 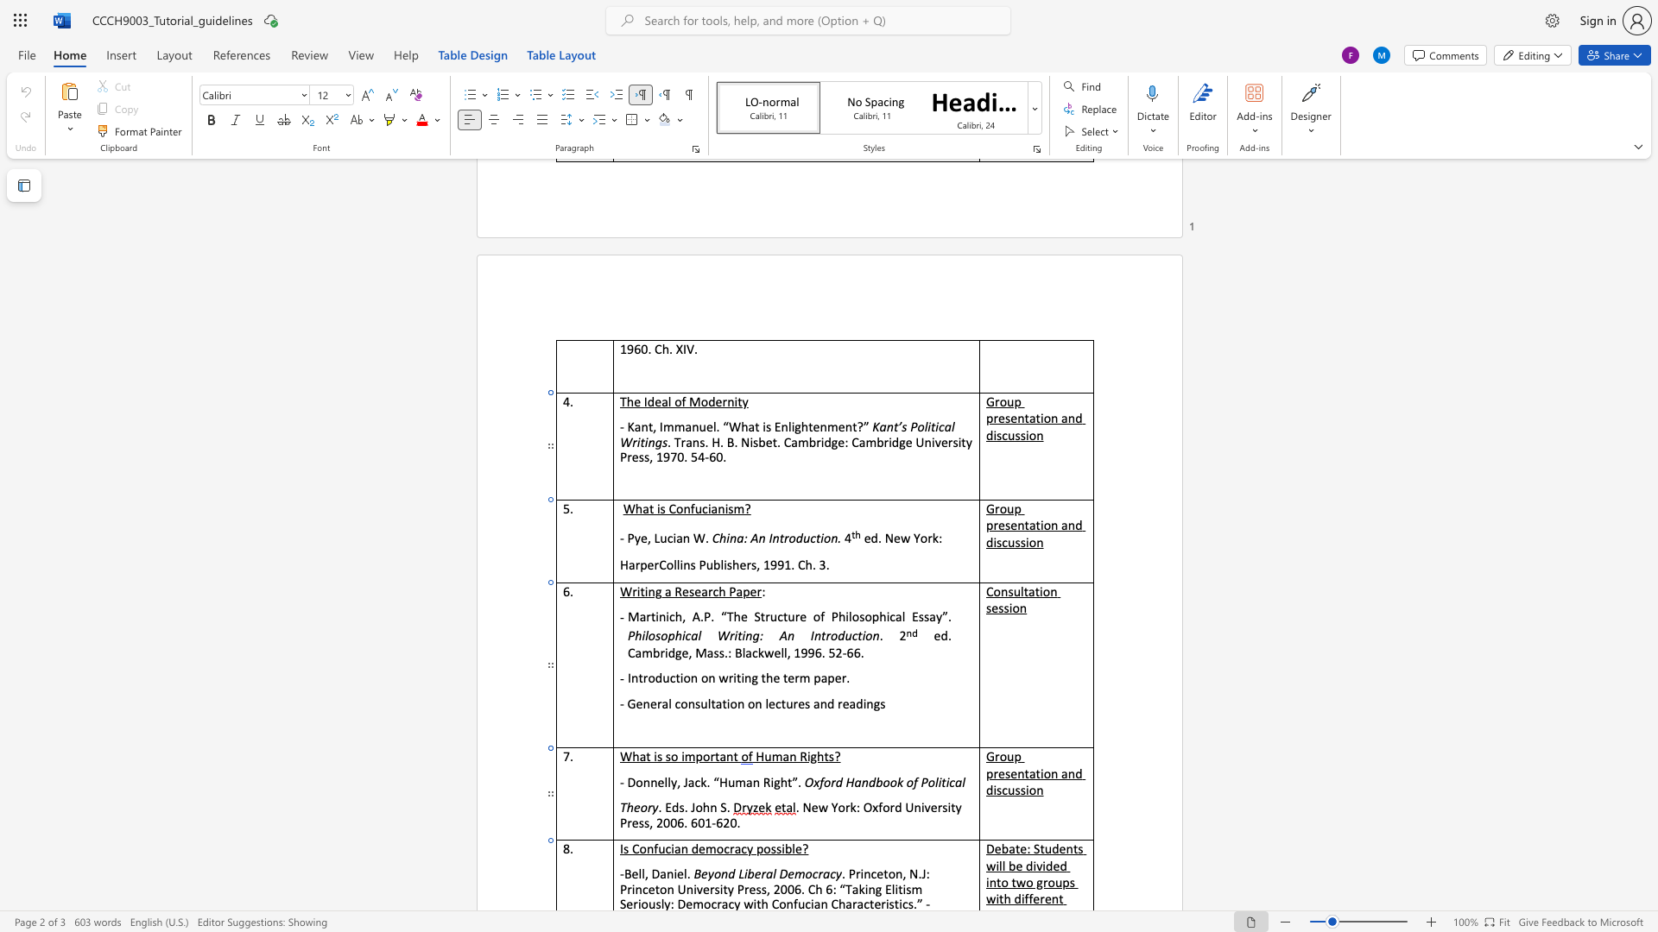 I want to click on the 1th character "u" in the text, so click(x=661, y=847).